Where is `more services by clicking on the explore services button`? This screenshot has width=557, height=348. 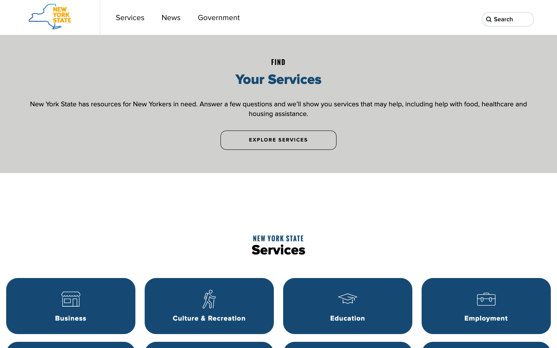 more services by clicking on the explore services button is located at coordinates (278, 140).